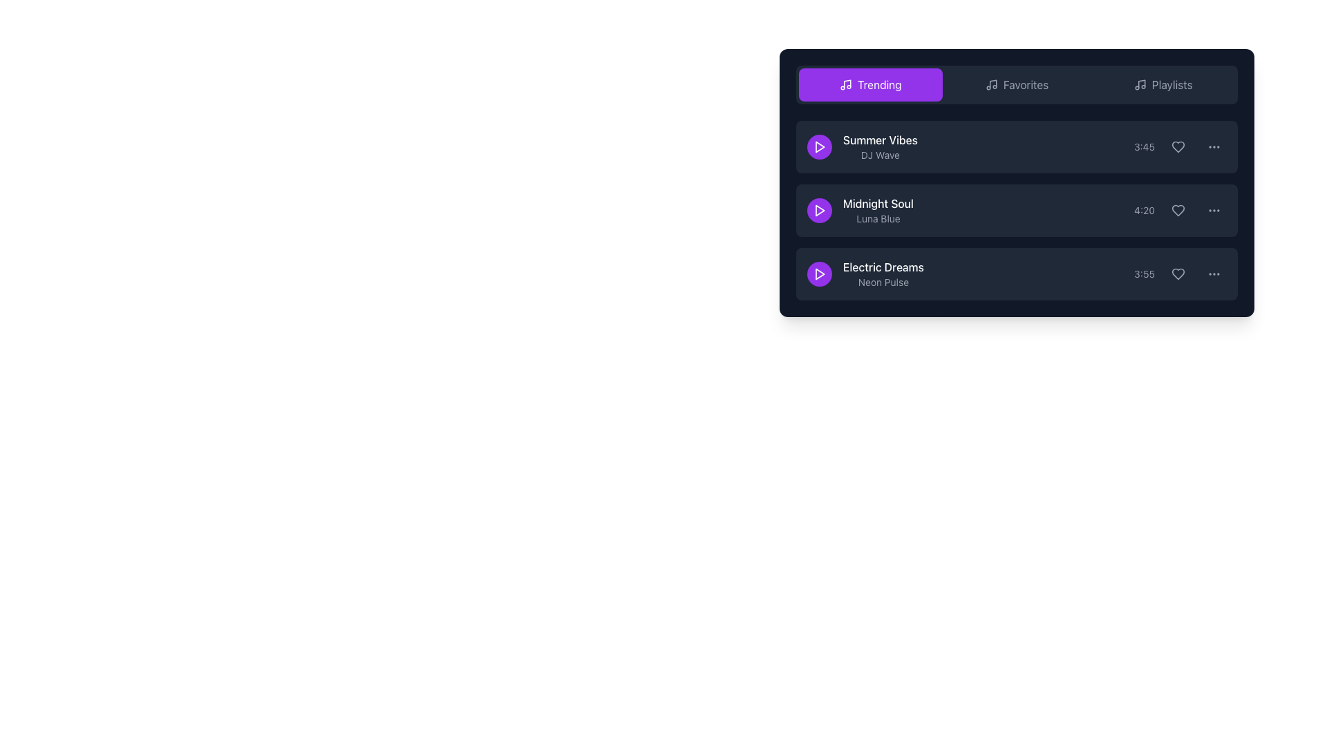 The height and width of the screenshot is (746, 1327). What do you see at coordinates (820, 210) in the screenshot?
I see `the purple triangle icon within a circular button context located to the left of the 'Midnight Soul' text in the second row for additional effects or information` at bounding box center [820, 210].